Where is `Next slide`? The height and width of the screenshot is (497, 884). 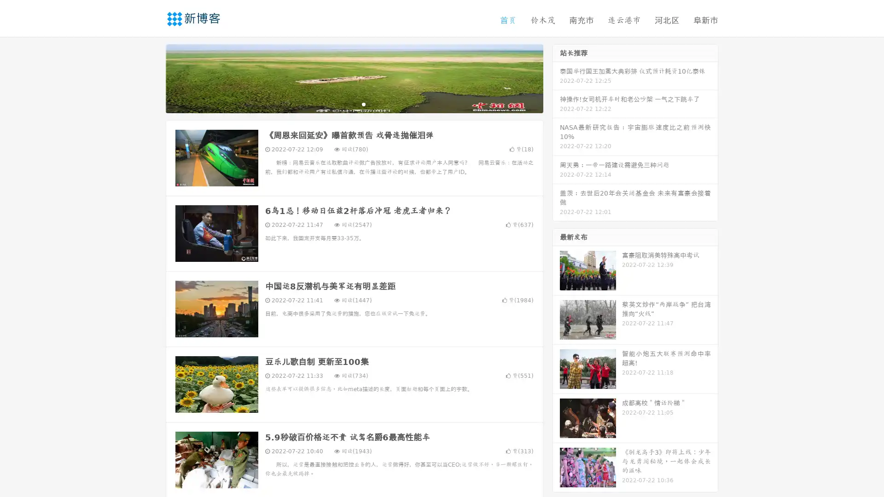 Next slide is located at coordinates (556, 77).